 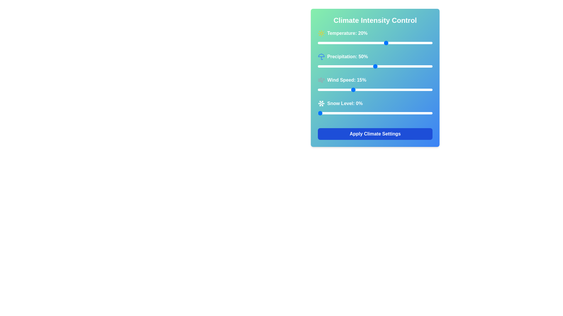 I want to click on precipitation, so click(x=402, y=66).